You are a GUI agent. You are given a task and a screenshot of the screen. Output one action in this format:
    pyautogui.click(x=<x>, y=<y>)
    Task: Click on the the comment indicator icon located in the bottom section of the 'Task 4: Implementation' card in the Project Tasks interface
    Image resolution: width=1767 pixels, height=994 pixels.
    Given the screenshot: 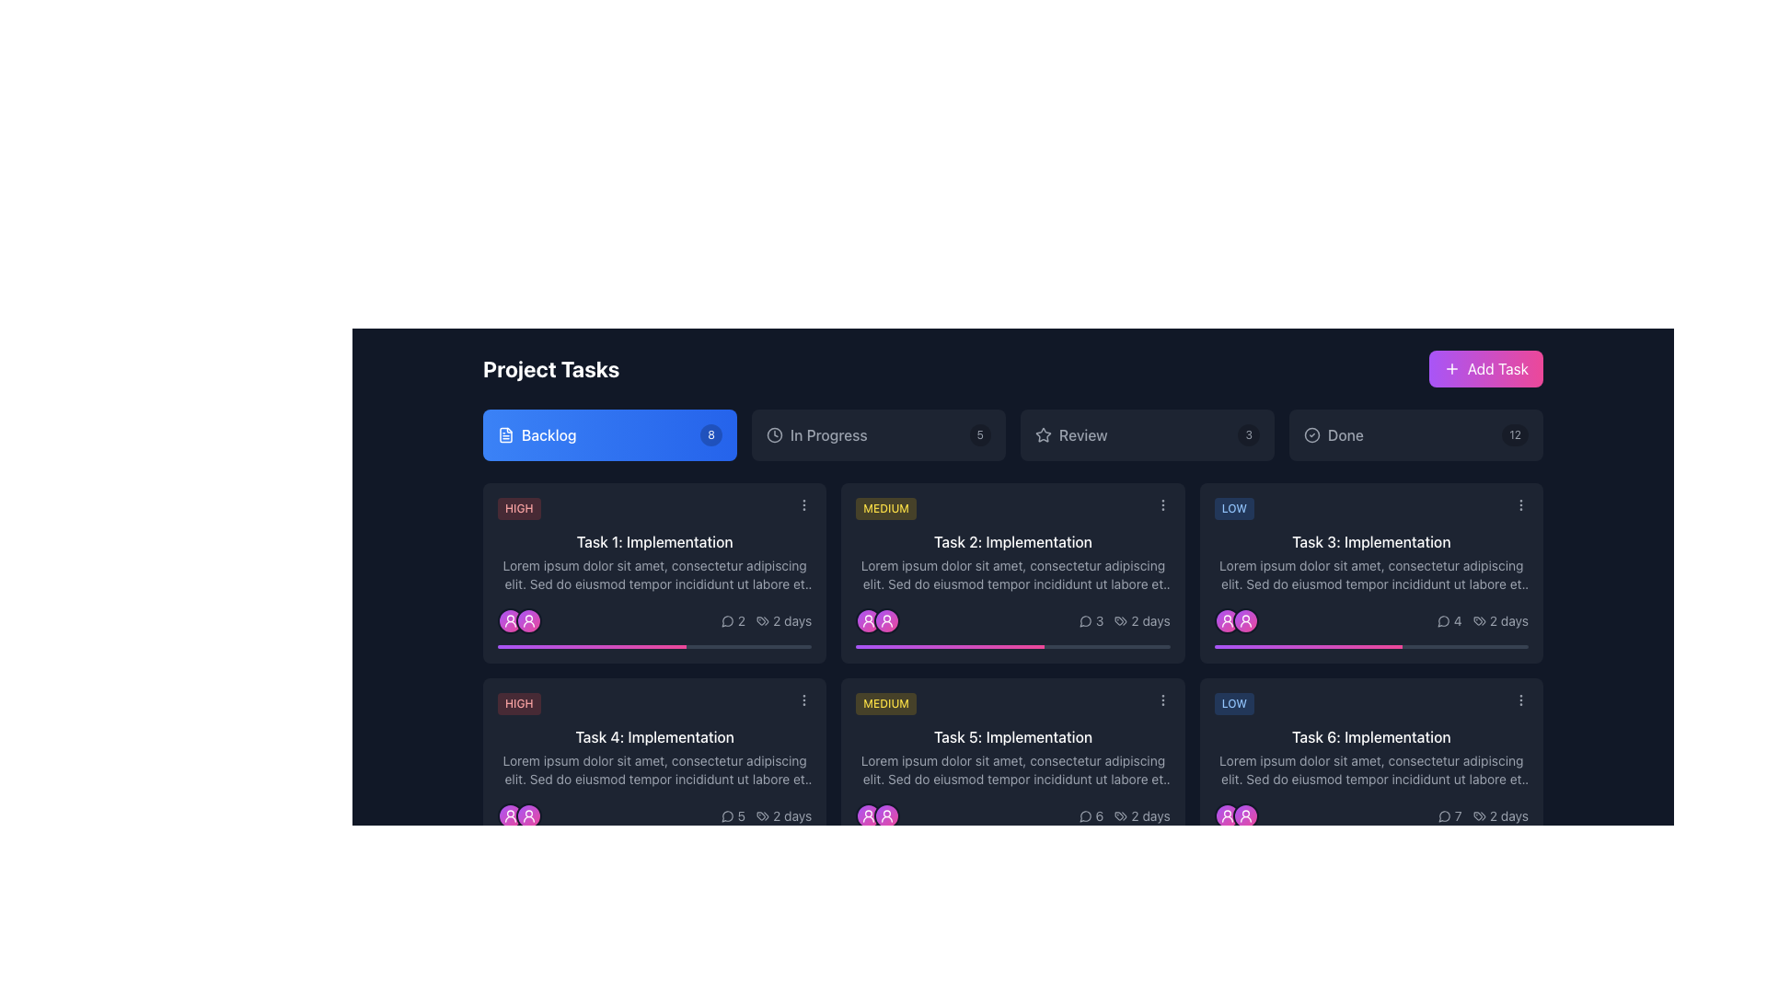 What is the action you would take?
    pyautogui.click(x=726, y=815)
    